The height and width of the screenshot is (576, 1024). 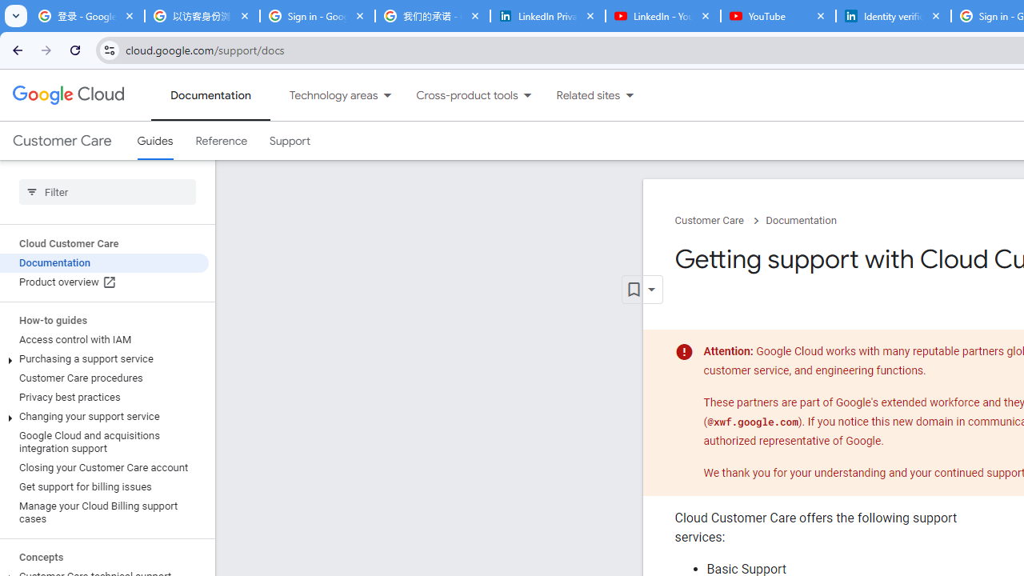 I want to click on 'Customer Care chevron_right', so click(x=719, y=221).